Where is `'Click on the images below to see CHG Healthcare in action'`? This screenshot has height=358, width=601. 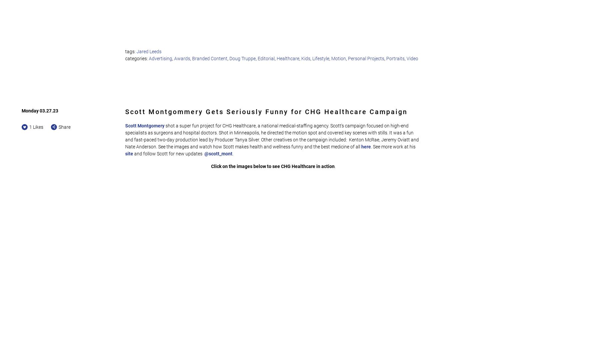 'Click on the images below to see CHG Healthcare in action' is located at coordinates (211, 166).